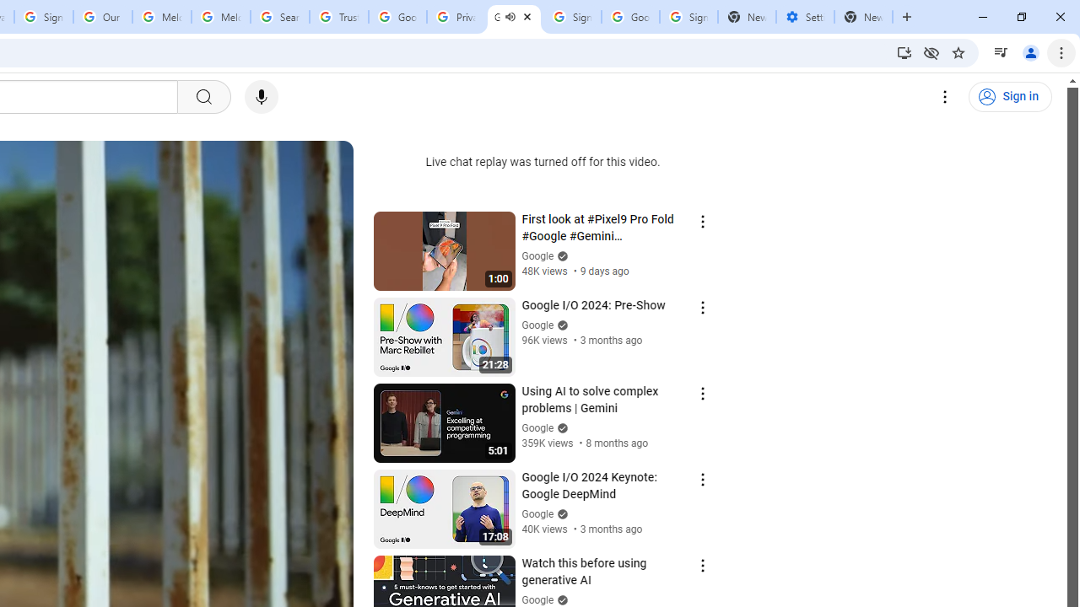 The image size is (1080, 607). Describe the element at coordinates (260, 97) in the screenshot. I see `'Search with your voice'` at that location.